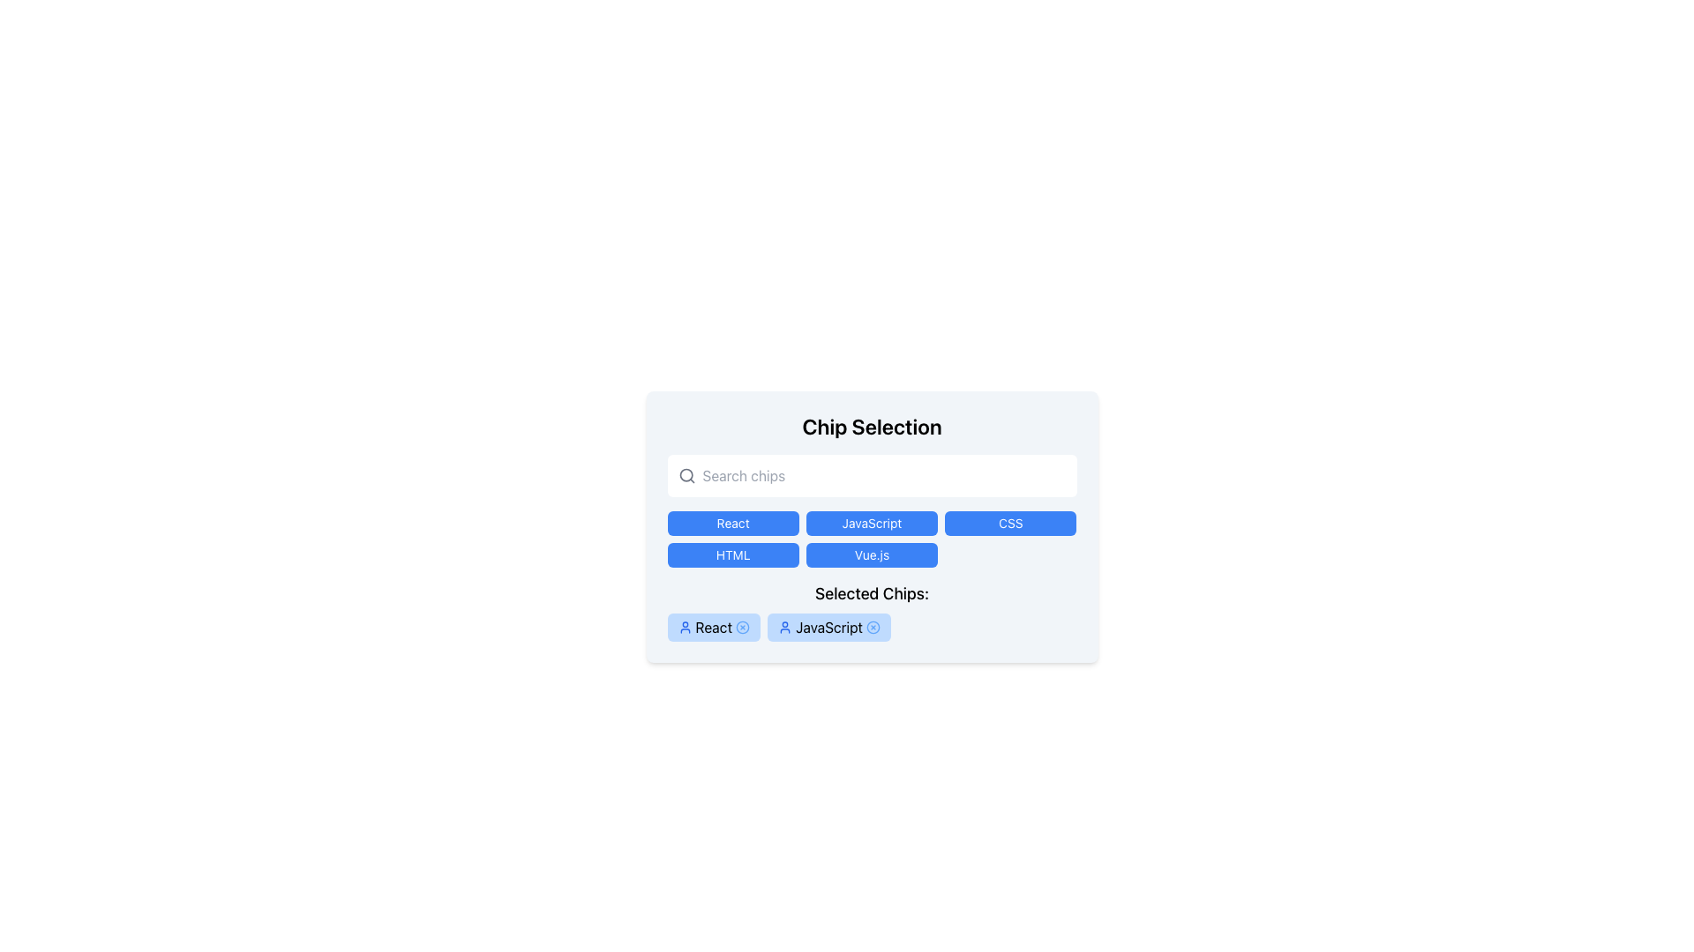  Describe the element at coordinates (714, 627) in the screenshot. I see `the selectable tag labeled 'React' in the 'Selected Chips' section` at that location.